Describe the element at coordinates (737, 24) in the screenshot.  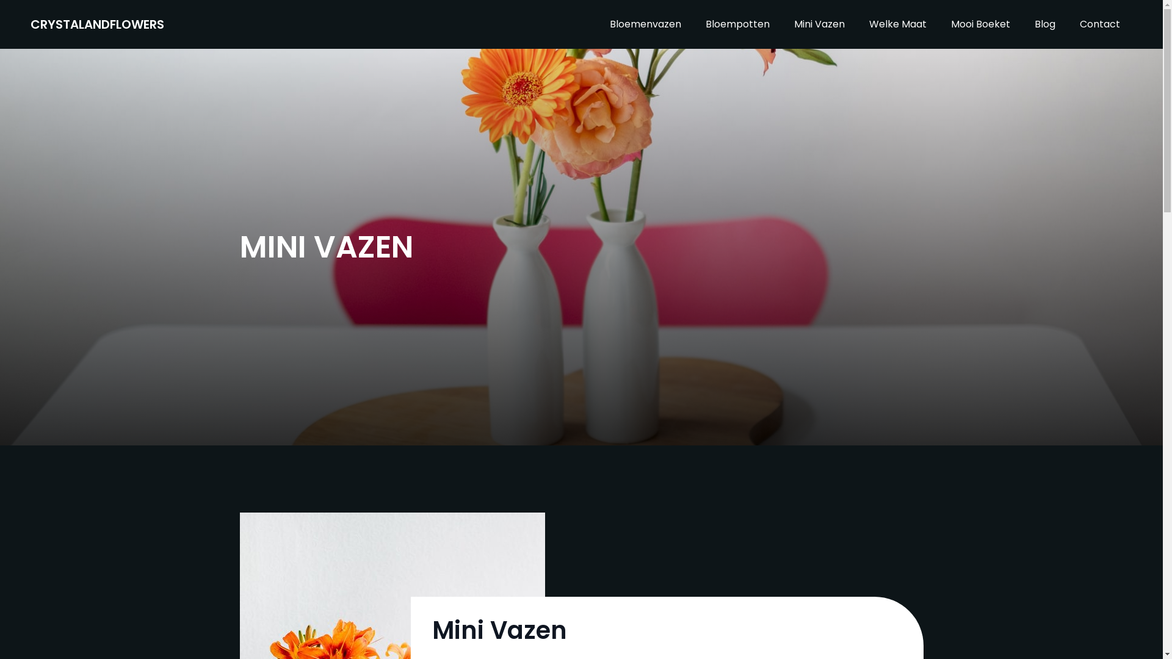
I see `'Bloempotten'` at that location.